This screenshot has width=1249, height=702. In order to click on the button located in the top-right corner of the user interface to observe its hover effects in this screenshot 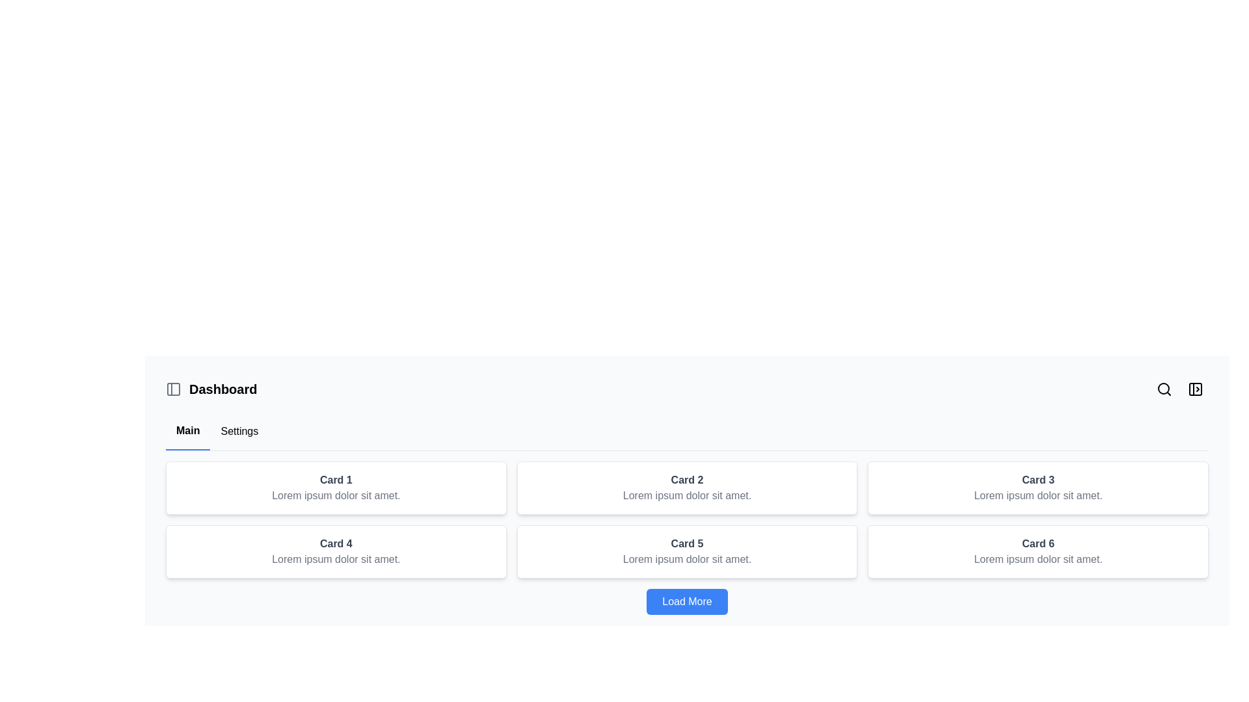, I will do `click(1196, 388)`.